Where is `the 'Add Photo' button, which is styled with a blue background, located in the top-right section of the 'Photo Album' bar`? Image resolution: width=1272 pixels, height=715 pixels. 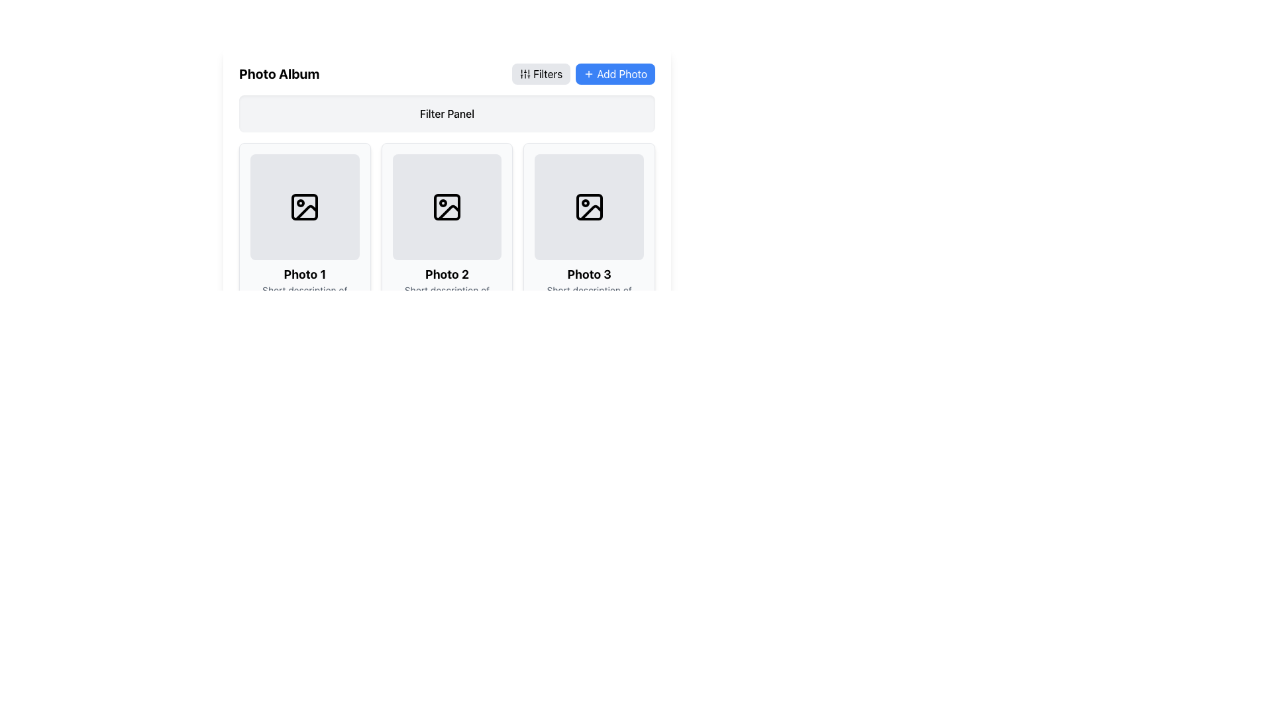 the 'Add Photo' button, which is styled with a blue background, located in the top-right section of the 'Photo Album' bar is located at coordinates (583, 73).